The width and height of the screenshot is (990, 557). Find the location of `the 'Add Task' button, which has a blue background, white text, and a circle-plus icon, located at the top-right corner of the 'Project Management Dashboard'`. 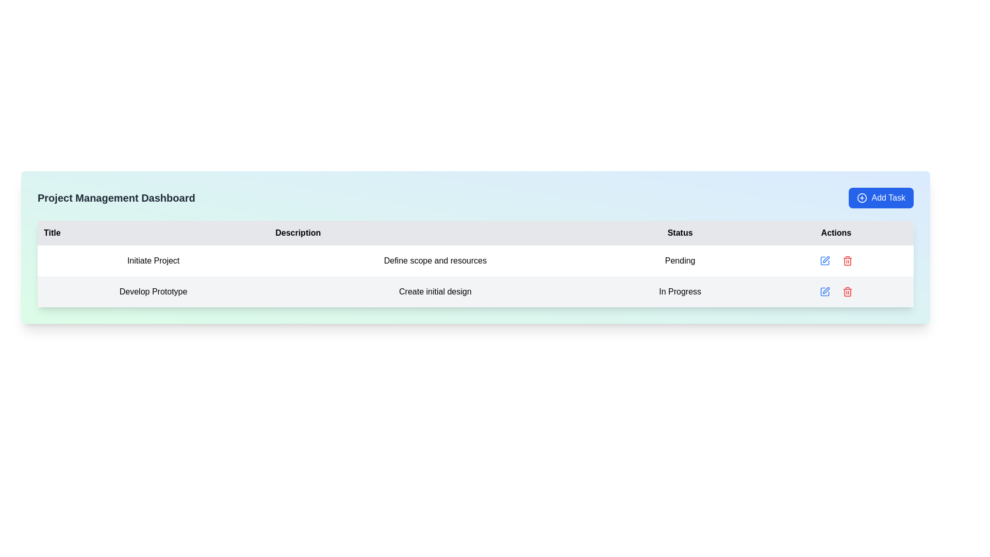

the 'Add Task' button, which has a blue background, white text, and a circle-plus icon, located at the top-right corner of the 'Project Management Dashboard' is located at coordinates (881, 198).